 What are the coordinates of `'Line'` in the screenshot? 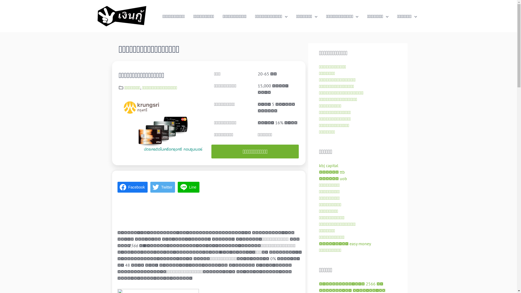 It's located at (177, 187).